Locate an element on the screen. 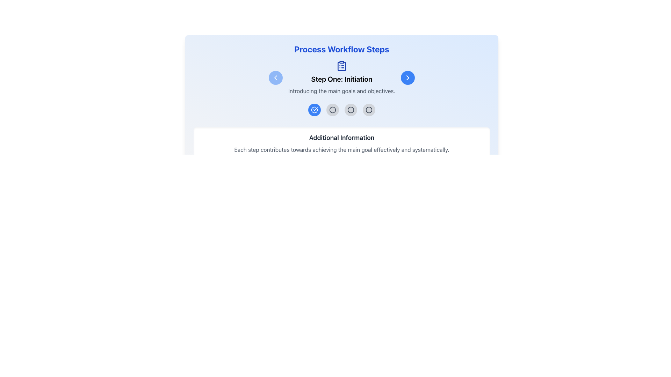  the small, centered, gray text reading 'Introducing the main goals and objectives.' which is located below 'Step One: Initiation' and the blue clipboard icon, within the top section of the interface is located at coordinates (342, 91).